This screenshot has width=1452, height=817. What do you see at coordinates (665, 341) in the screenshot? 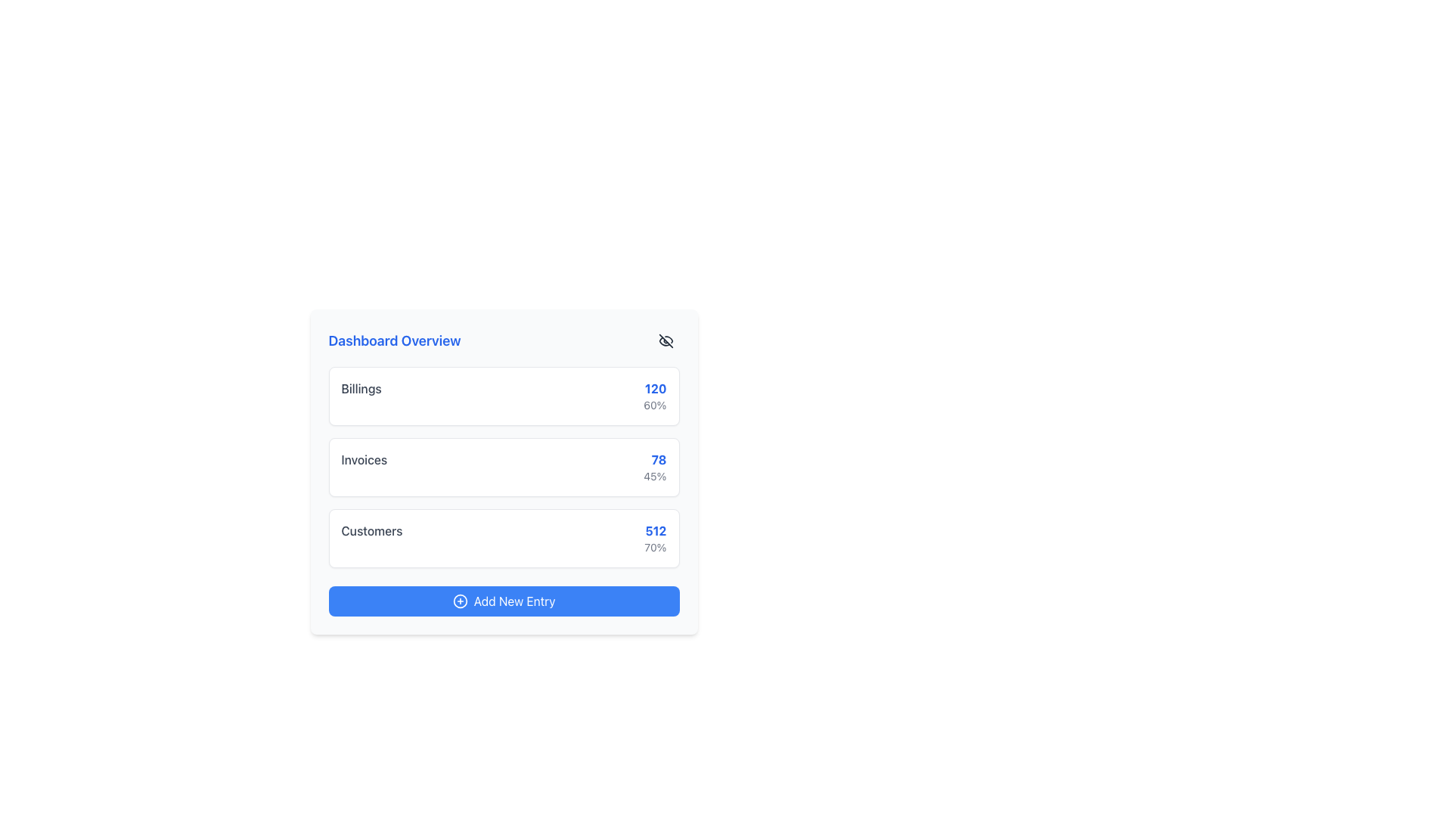
I see `the visibility toggle icon resembling an eye with a slash through it, located to the right of the 'Dashboard Overview' header` at bounding box center [665, 341].